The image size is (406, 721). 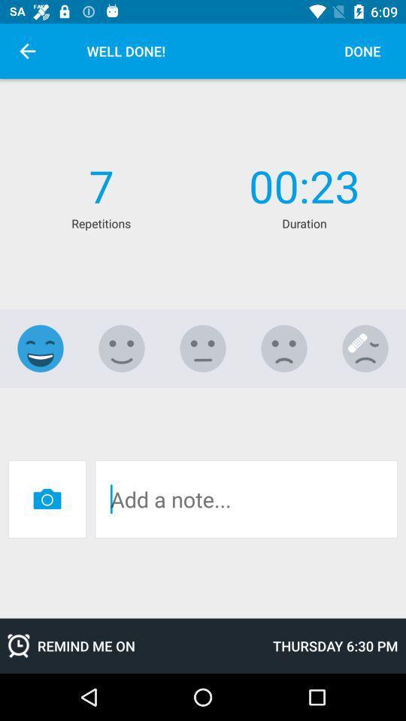 What do you see at coordinates (121, 348) in the screenshot?
I see `mildly happy emoji` at bounding box center [121, 348].